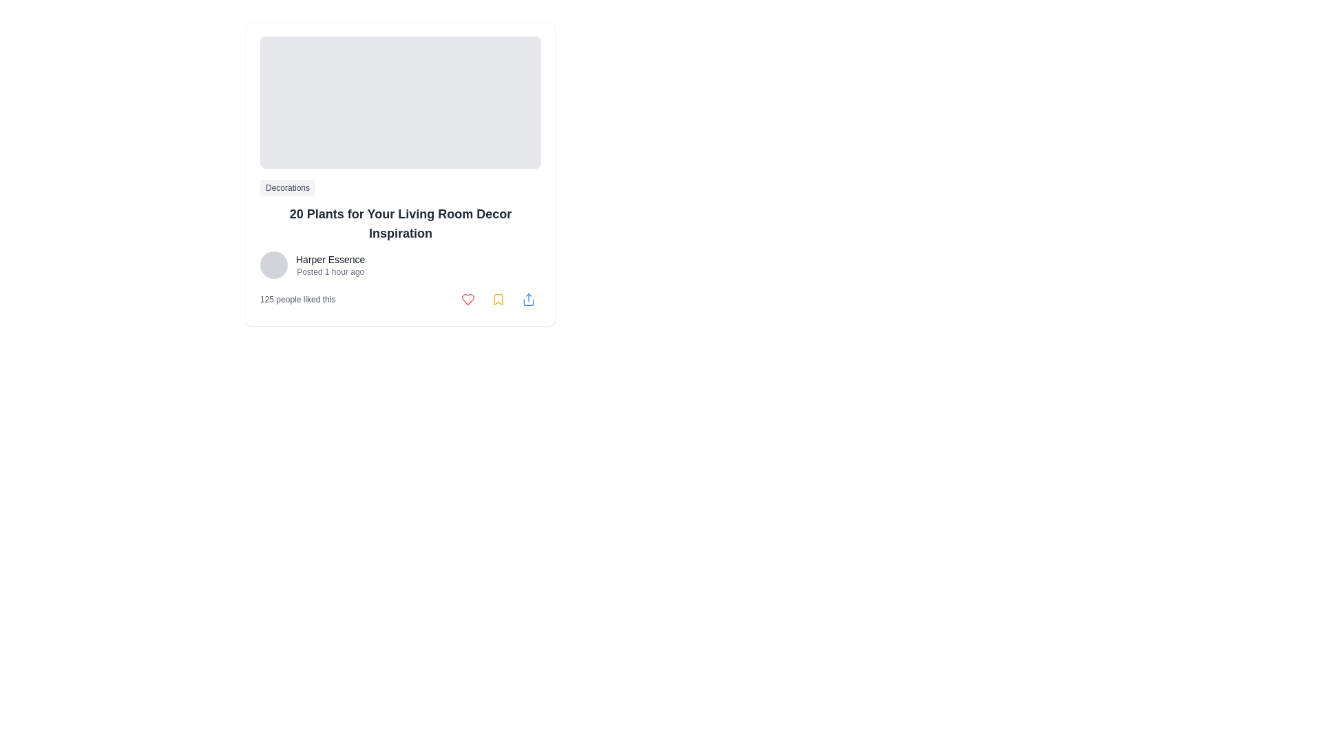 Image resolution: width=1322 pixels, height=744 pixels. Describe the element at coordinates (498, 299) in the screenshot. I see `the interactive bookmark icon located below the text '125 people liked this' and to the right of the heart-shaped icon to bookmark the content` at that location.